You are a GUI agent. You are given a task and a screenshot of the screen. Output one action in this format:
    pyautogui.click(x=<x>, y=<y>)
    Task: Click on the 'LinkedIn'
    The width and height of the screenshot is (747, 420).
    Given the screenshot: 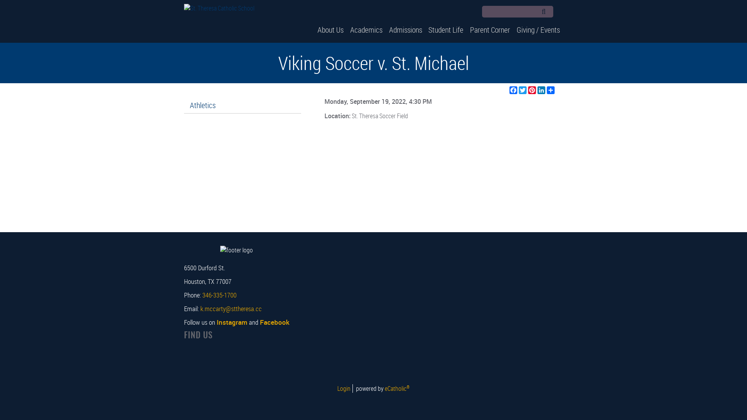 What is the action you would take?
    pyautogui.click(x=541, y=89)
    